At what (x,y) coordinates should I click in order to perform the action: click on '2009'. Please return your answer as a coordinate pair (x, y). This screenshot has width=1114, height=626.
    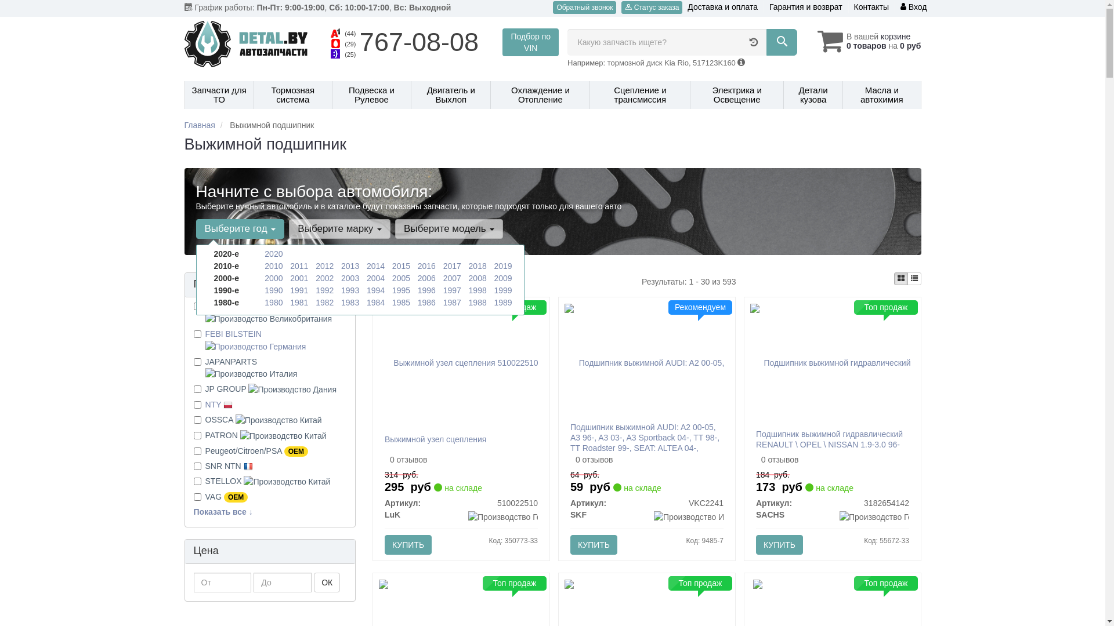
    Looking at the image, I should click on (502, 278).